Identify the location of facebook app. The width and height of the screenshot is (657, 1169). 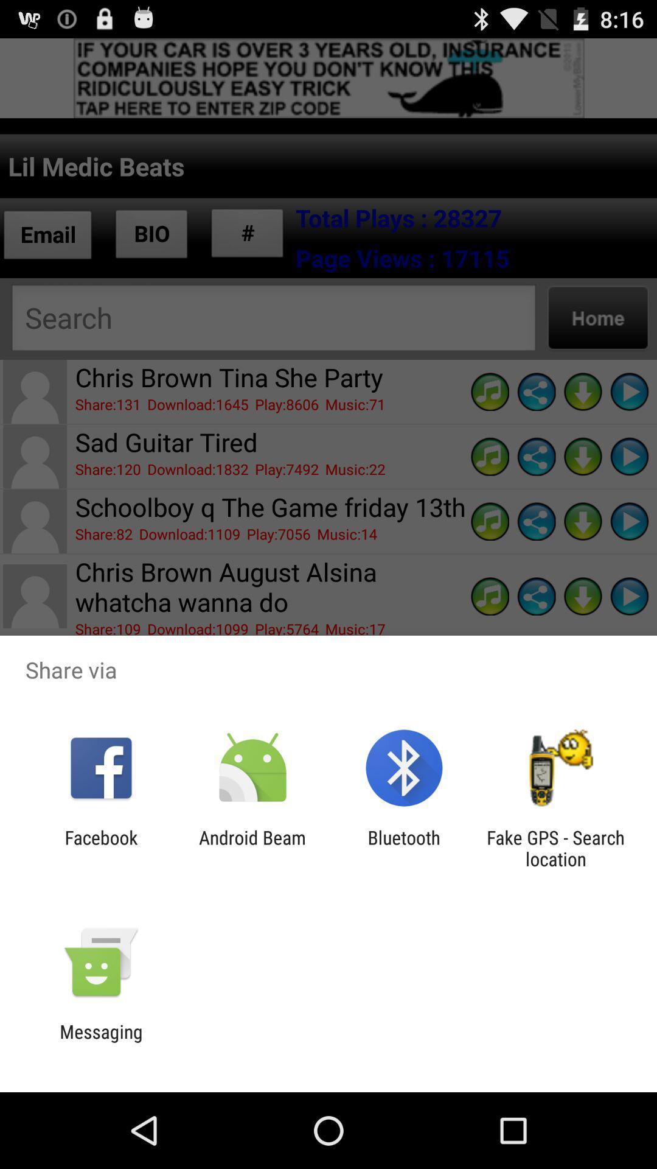
(100, 848).